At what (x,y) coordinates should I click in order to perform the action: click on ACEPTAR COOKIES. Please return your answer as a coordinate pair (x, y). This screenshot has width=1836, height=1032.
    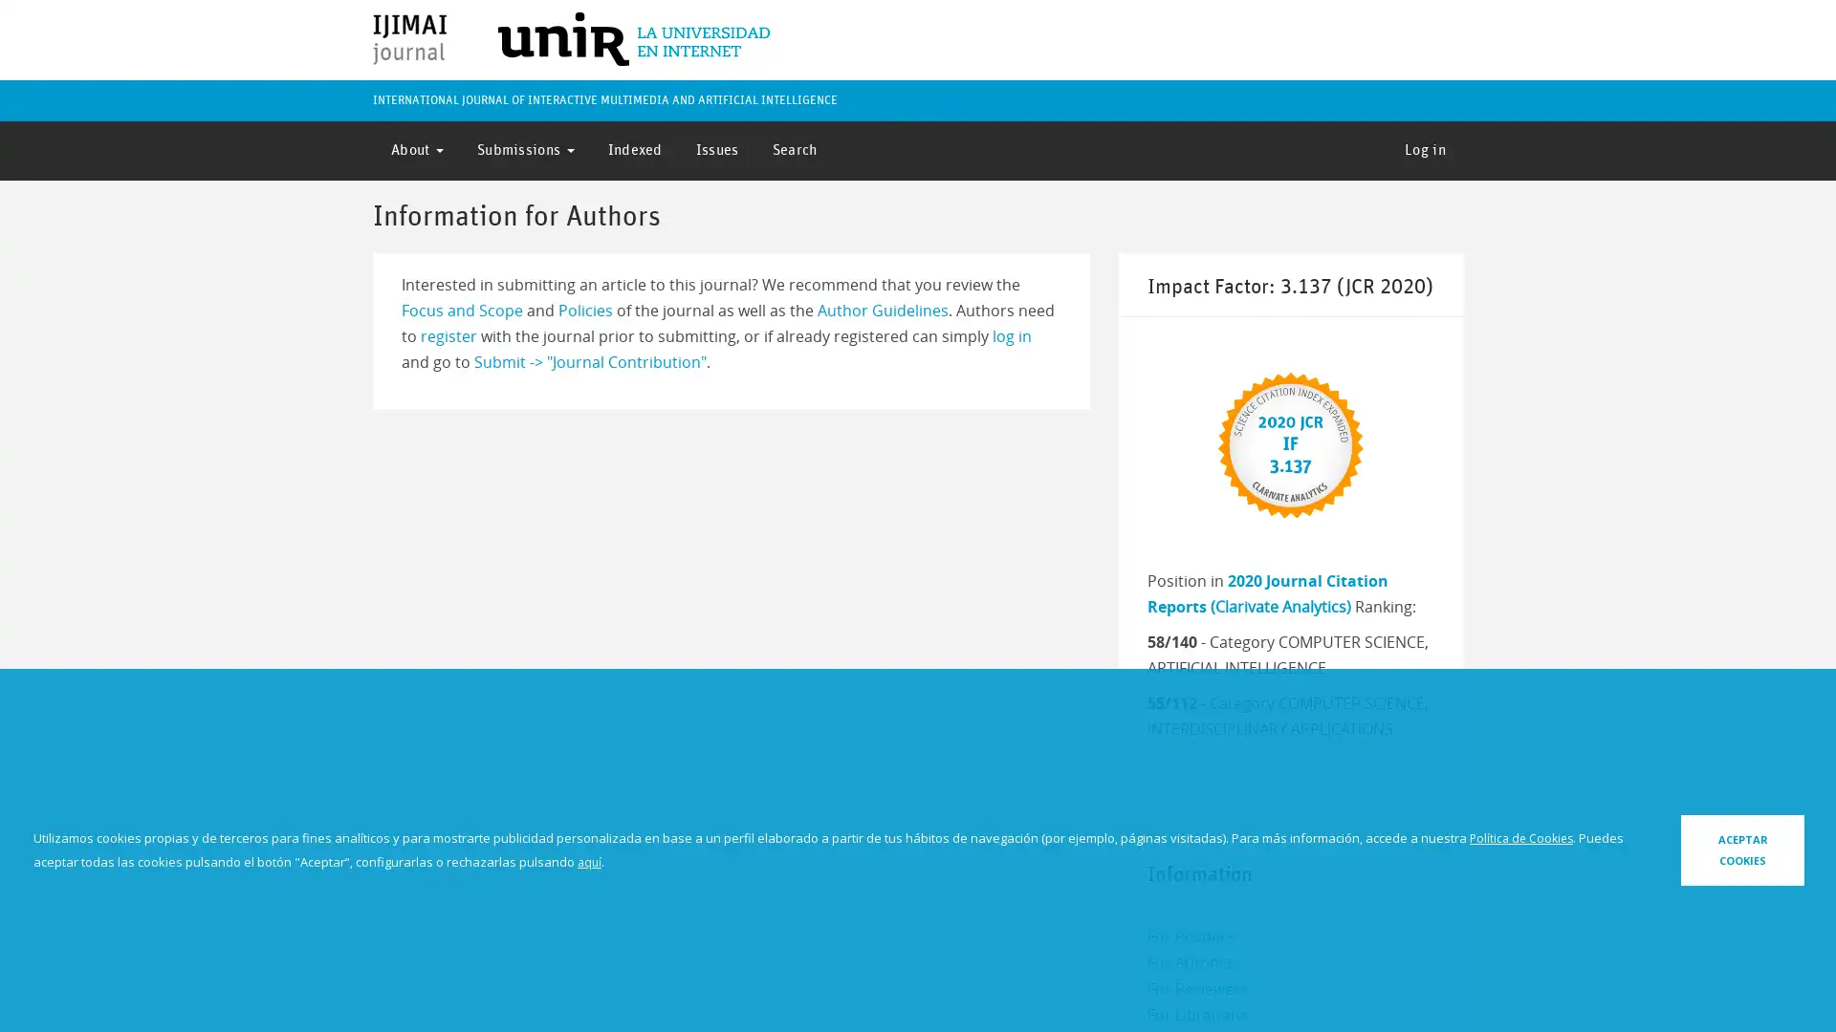
    Looking at the image, I should click on (1690, 849).